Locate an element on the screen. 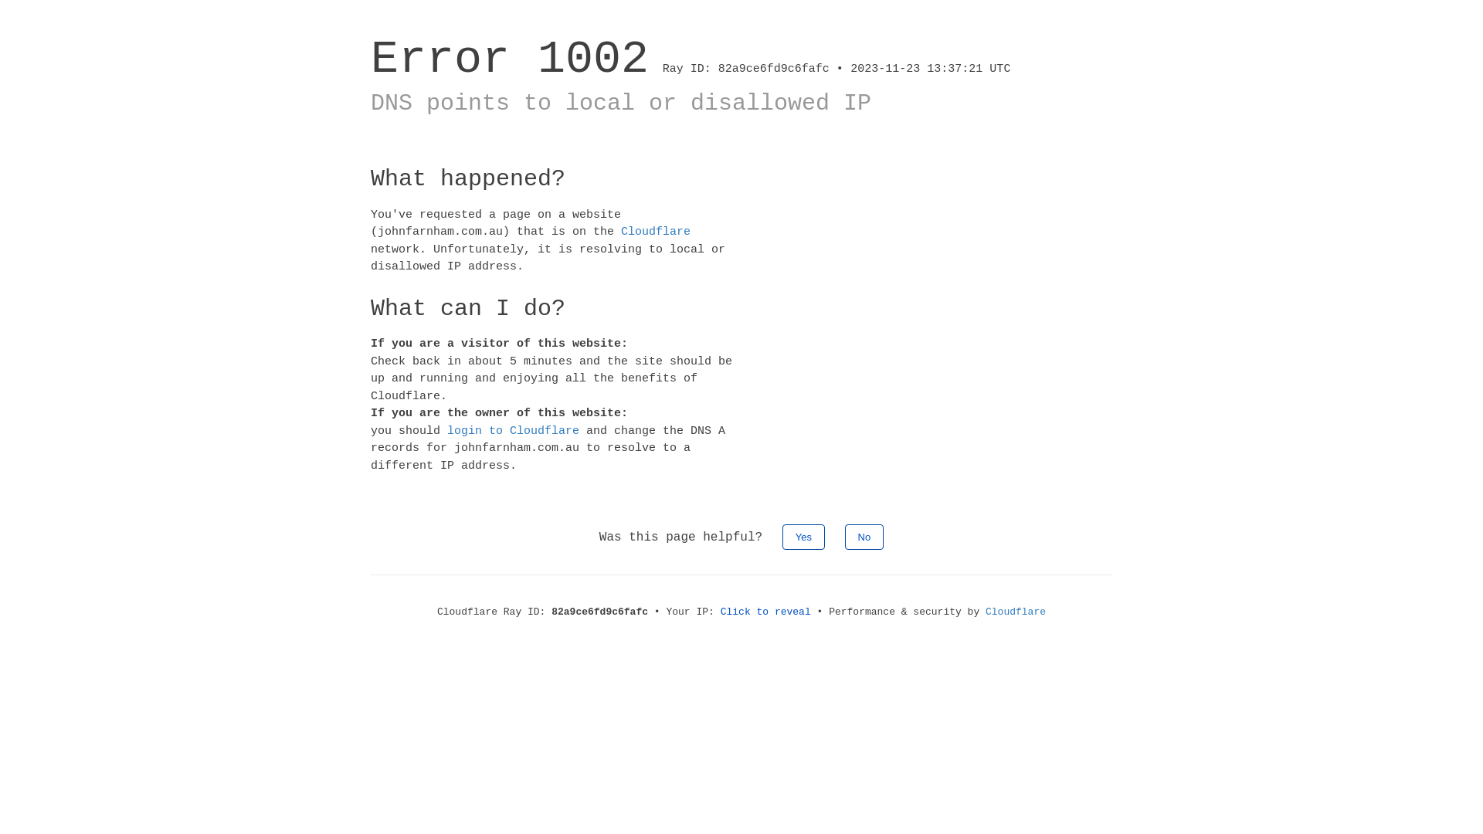  'Click to reveal' is located at coordinates (765, 611).